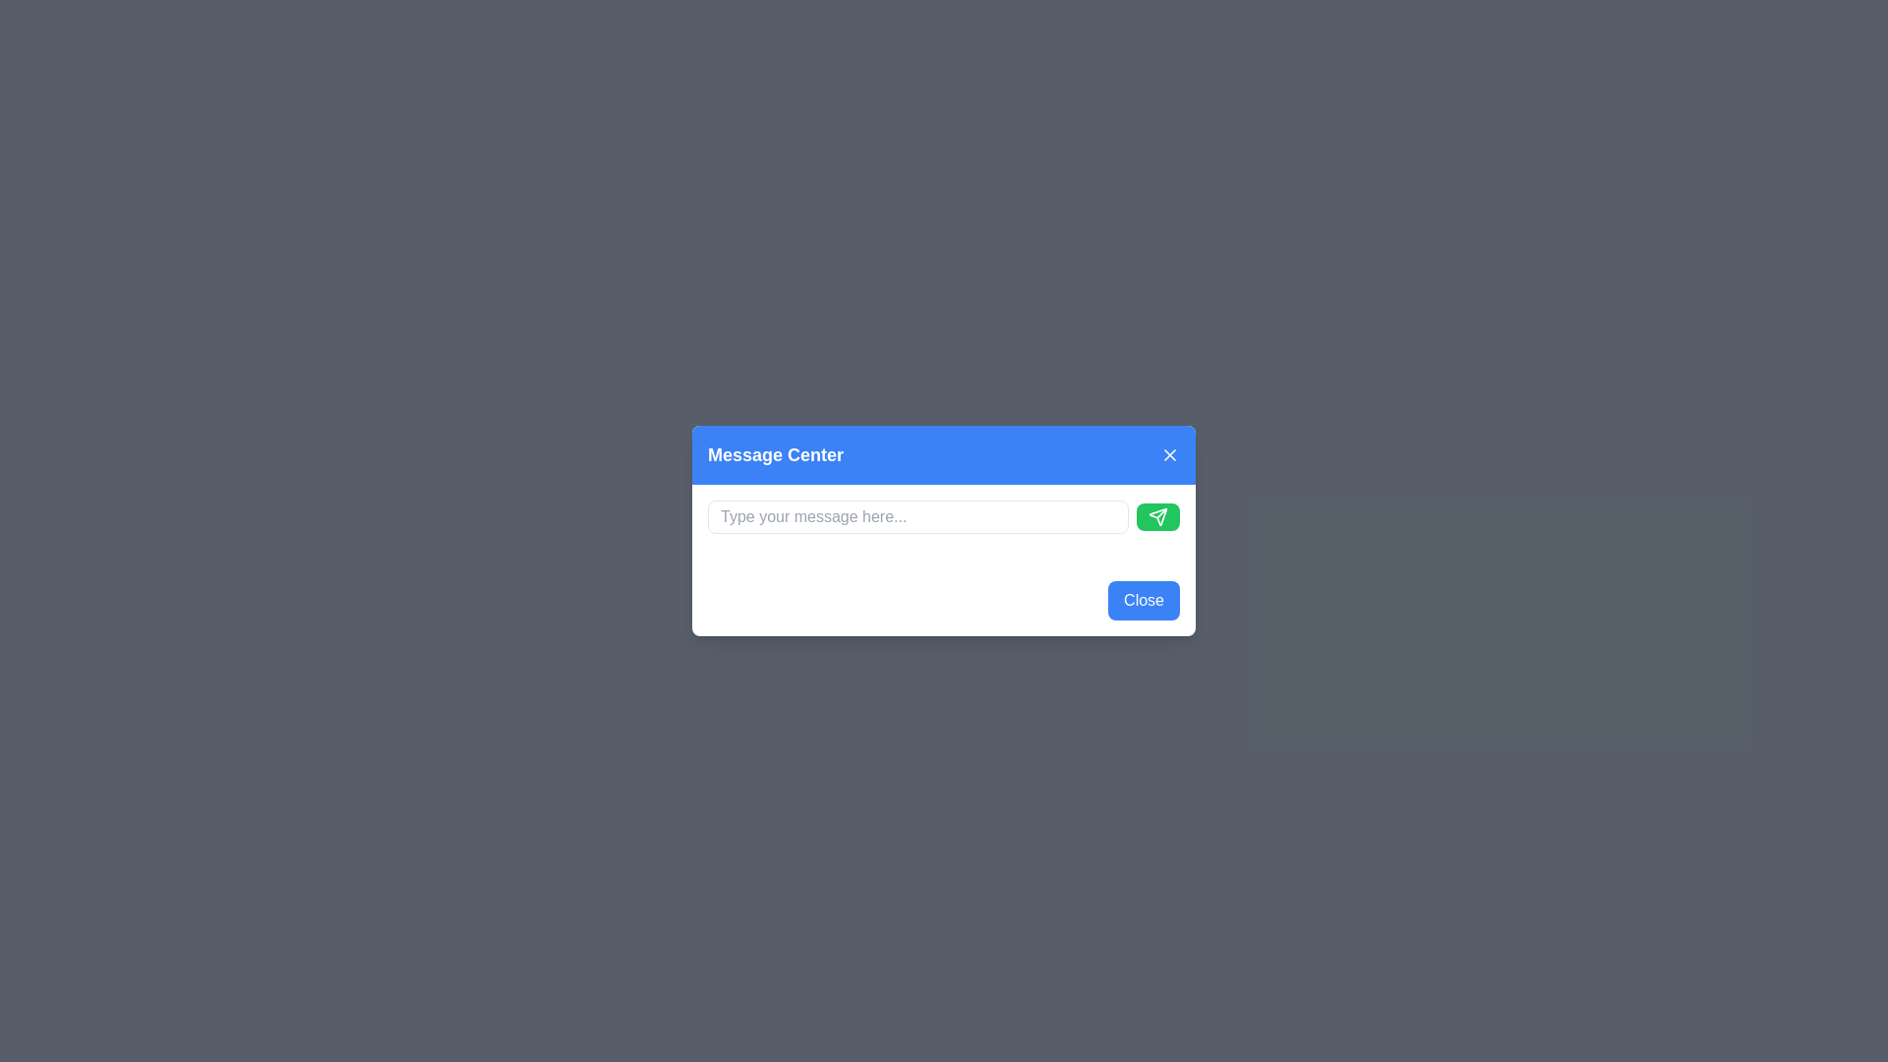 Image resolution: width=1888 pixels, height=1062 pixels. What do you see at coordinates (1144, 599) in the screenshot?
I see `the close button located at the bottom-right corner of the 'Message Center' modal dialog` at bounding box center [1144, 599].